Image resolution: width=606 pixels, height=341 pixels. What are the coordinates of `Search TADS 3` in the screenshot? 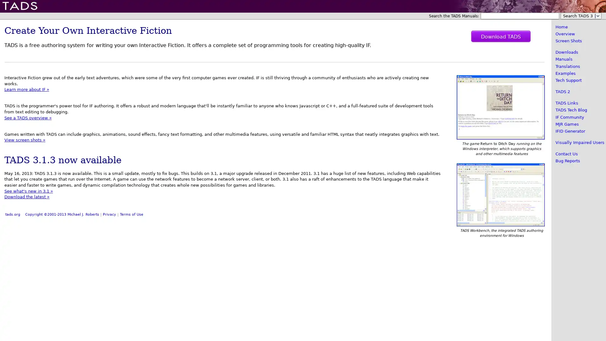 It's located at (581, 15).